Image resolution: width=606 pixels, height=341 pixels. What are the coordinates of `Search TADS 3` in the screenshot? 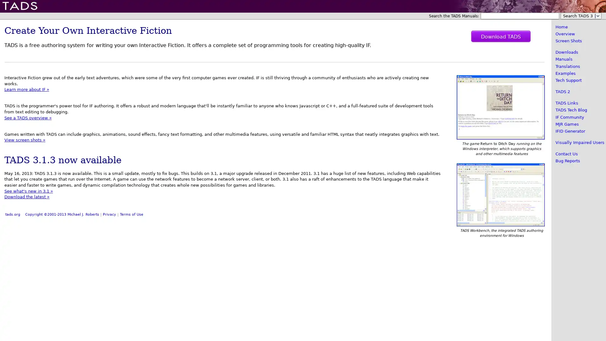 It's located at (581, 15).